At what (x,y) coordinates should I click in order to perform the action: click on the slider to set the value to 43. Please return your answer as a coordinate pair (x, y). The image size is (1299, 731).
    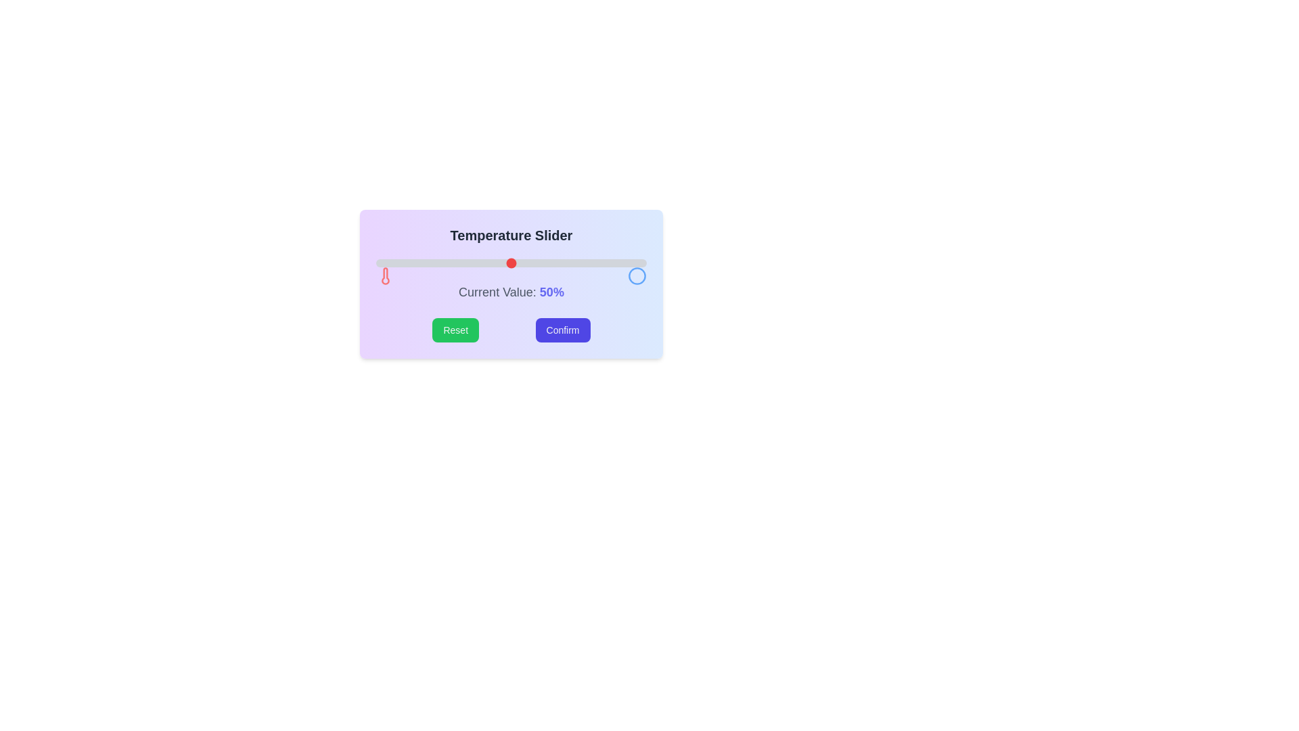
    Looking at the image, I should click on (492, 263).